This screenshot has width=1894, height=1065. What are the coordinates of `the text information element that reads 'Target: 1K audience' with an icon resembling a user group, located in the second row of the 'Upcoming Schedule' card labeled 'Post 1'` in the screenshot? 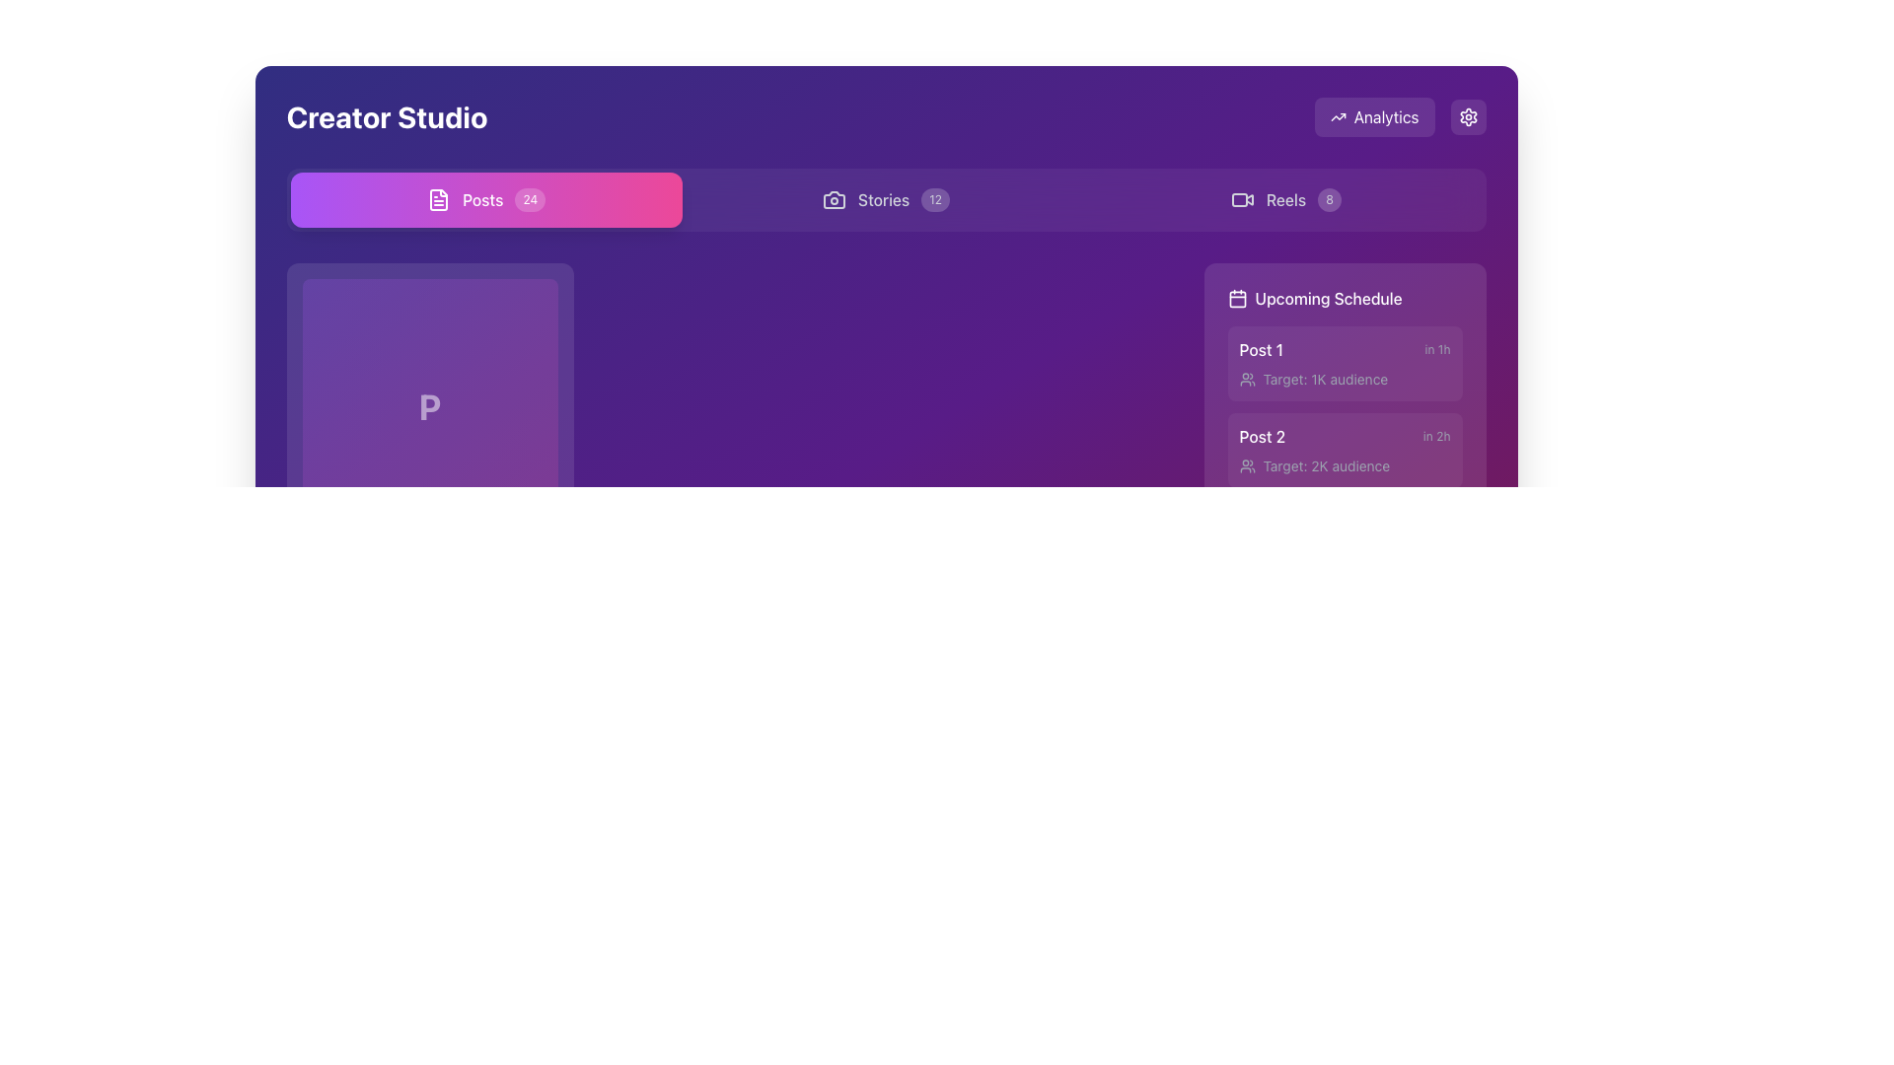 It's located at (1344, 380).